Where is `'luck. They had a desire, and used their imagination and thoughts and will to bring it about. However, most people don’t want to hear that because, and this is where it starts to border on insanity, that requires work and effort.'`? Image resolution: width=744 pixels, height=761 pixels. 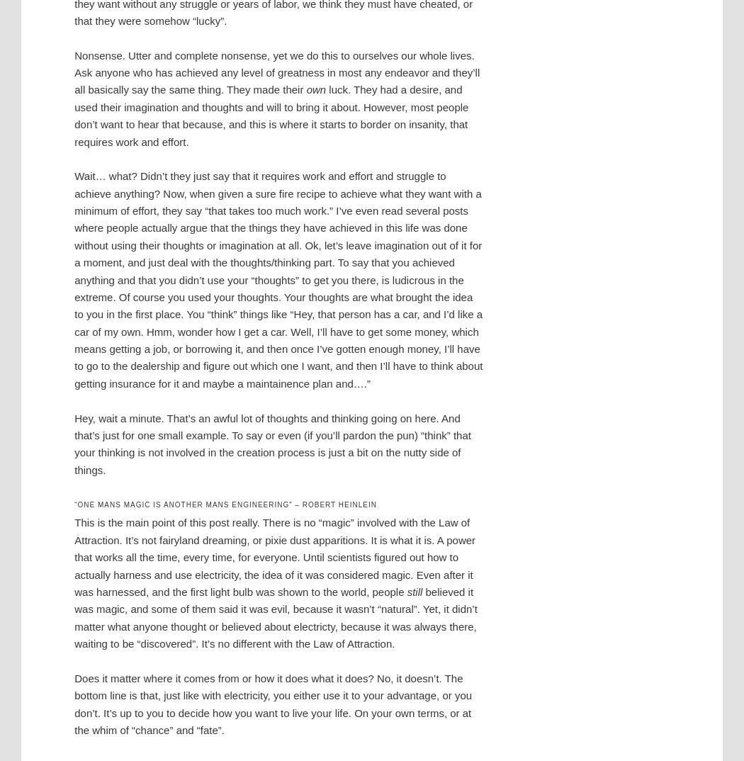 'luck. They had a desire, and used their imagination and thoughts and will to bring it about. However, most people don’t want to hear that because, and this is where it starts to border on insanity, that requires work and effort.' is located at coordinates (271, 115).